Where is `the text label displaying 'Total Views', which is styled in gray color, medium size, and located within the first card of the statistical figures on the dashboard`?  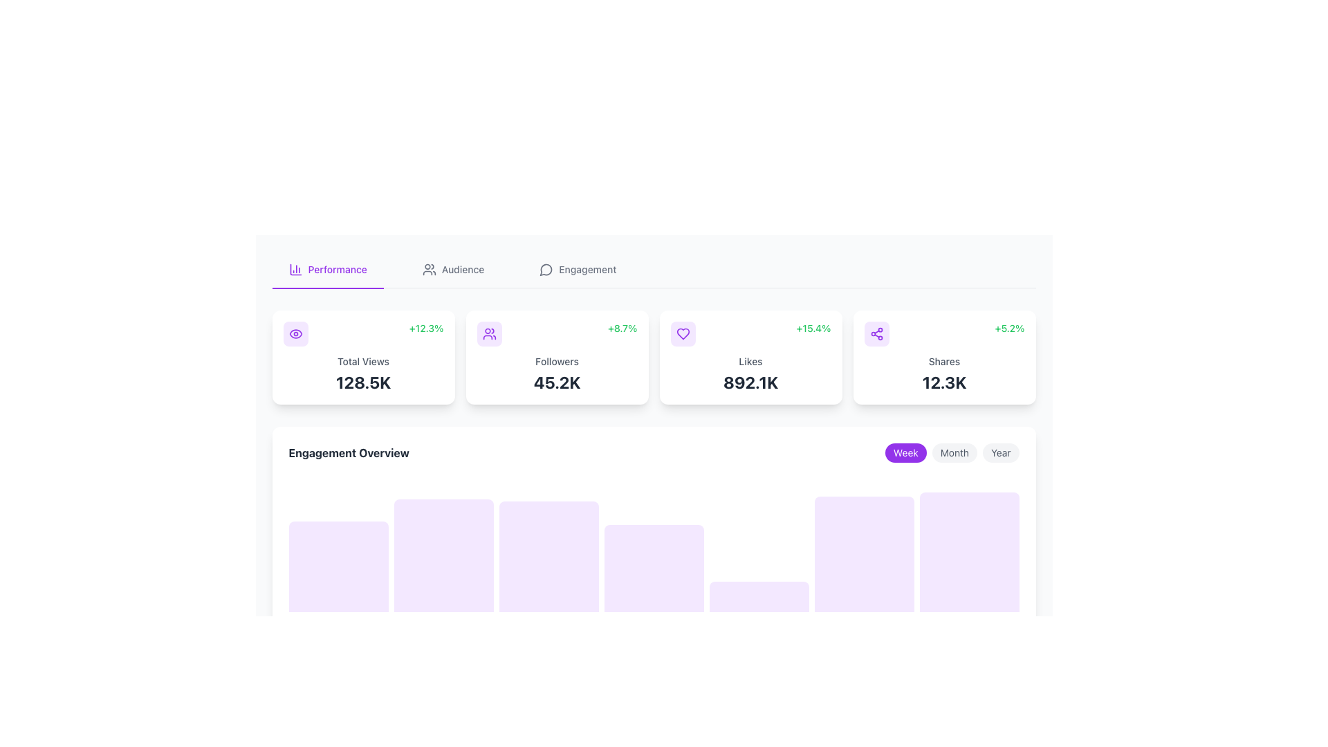
the text label displaying 'Total Views', which is styled in gray color, medium size, and located within the first card of the statistical figures on the dashboard is located at coordinates (363, 361).